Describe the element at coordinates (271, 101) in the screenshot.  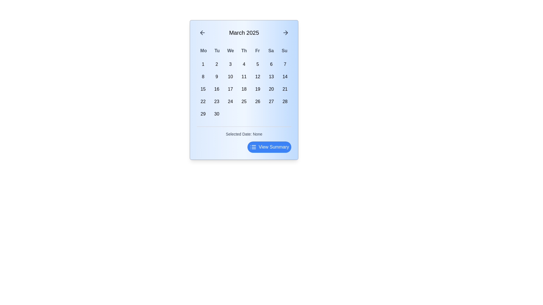
I see `the circular button labeled '27' in the calendar grid interface` at that location.